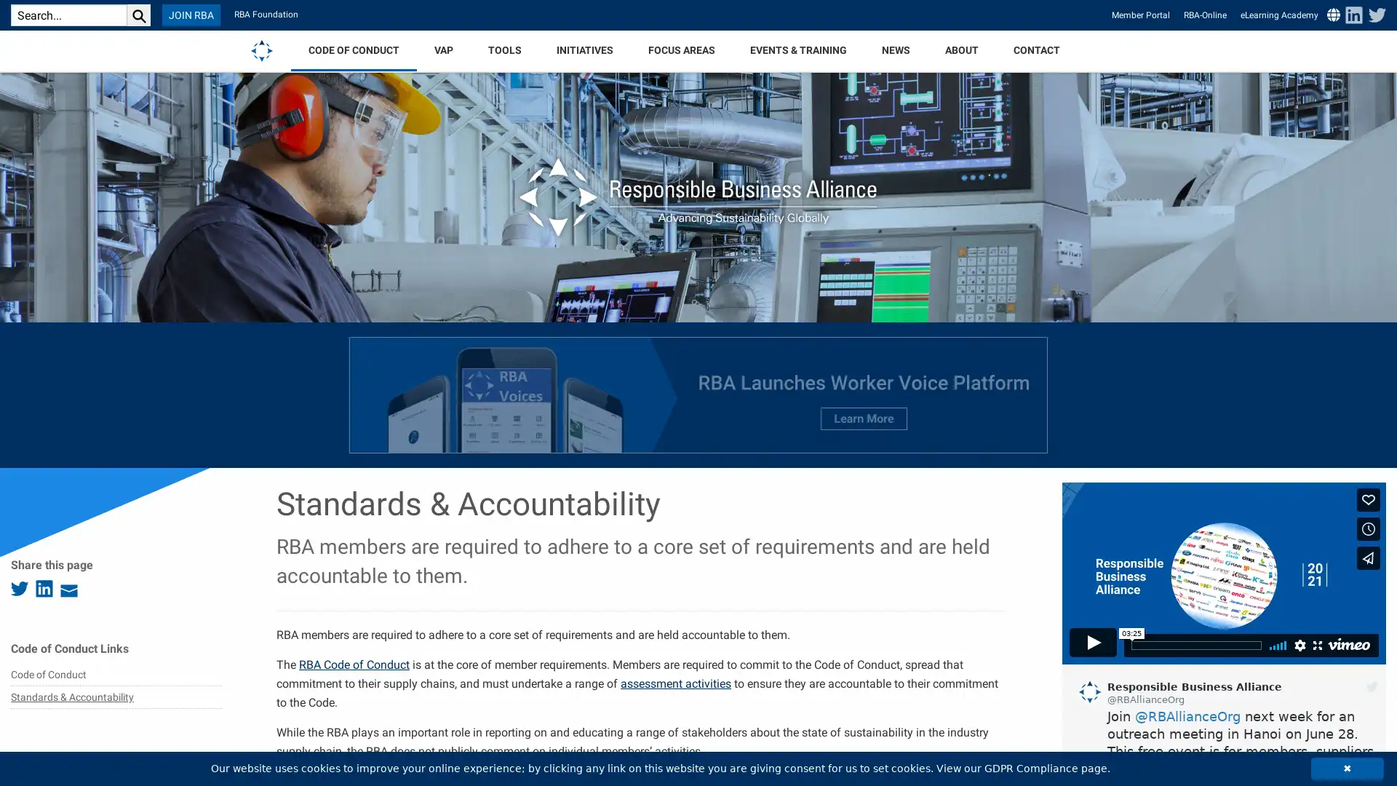  I want to click on search, so click(139, 15).